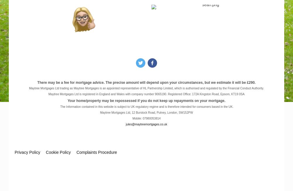 This screenshot has width=293, height=191. What do you see at coordinates (146, 82) in the screenshot?
I see `'There may be a fee for mortgage advice. The precise amount will depend upon your circumstances, but we estimate it will be £290.'` at bounding box center [146, 82].